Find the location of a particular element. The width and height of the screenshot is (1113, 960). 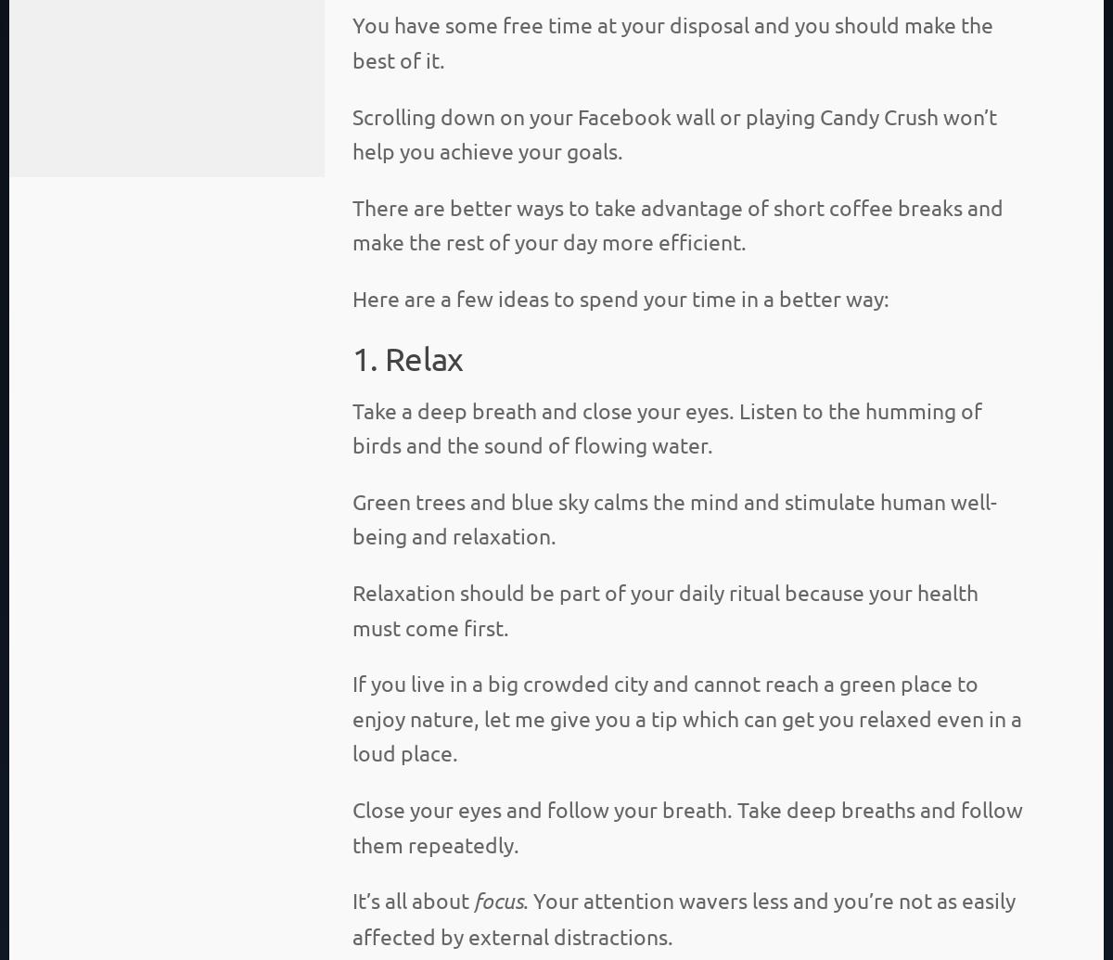

'There are better ways to take advantage of short coffee breaks and make the rest of your day more efficient.' is located at coordinates (678, 224).